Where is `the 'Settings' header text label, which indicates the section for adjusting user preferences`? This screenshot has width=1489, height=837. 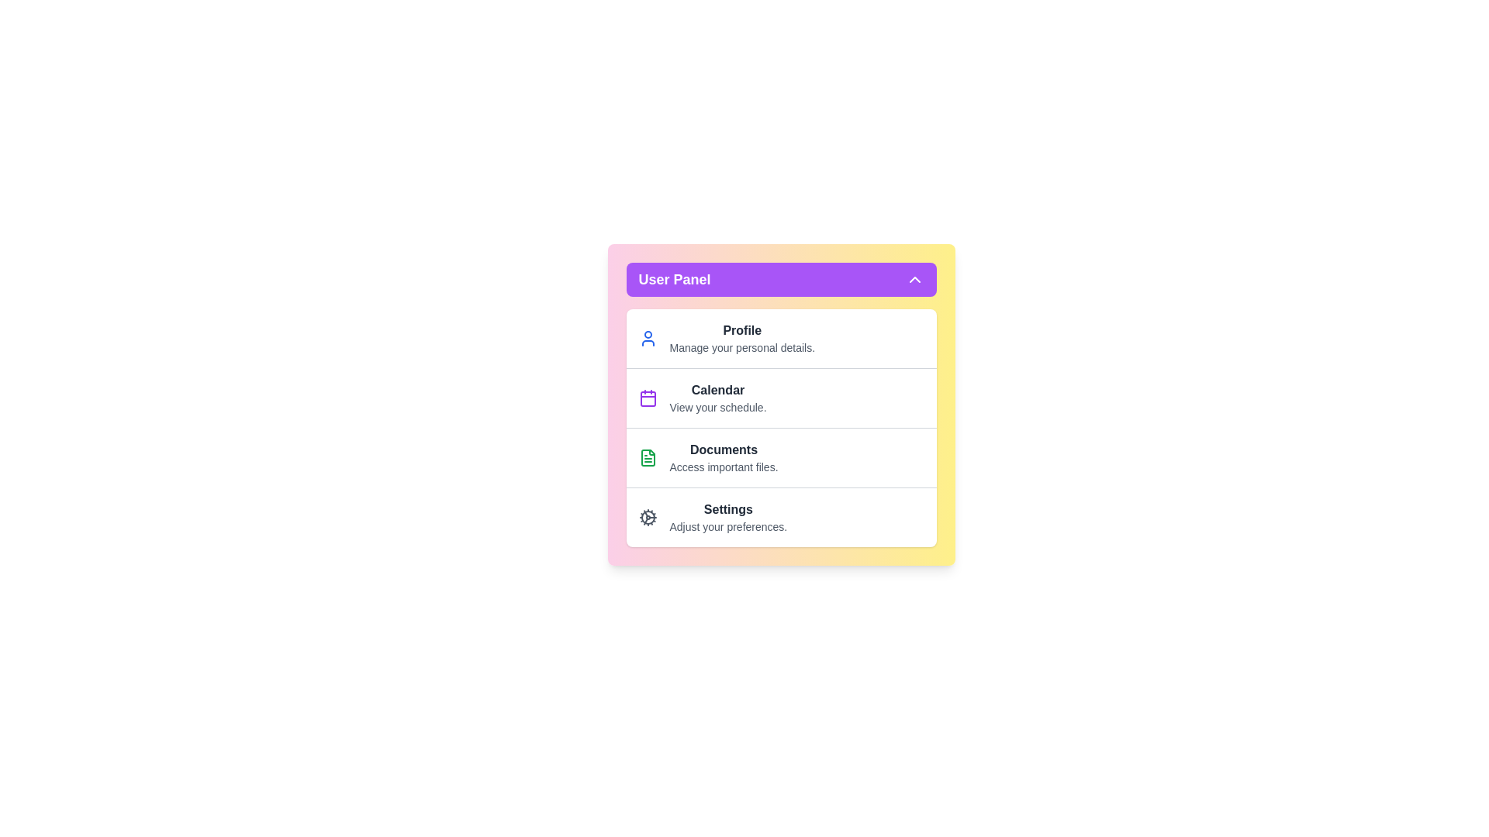
the 'Settings' header text label, which indicates the section for adjusting user preferences is located at coordinates (727, 510).